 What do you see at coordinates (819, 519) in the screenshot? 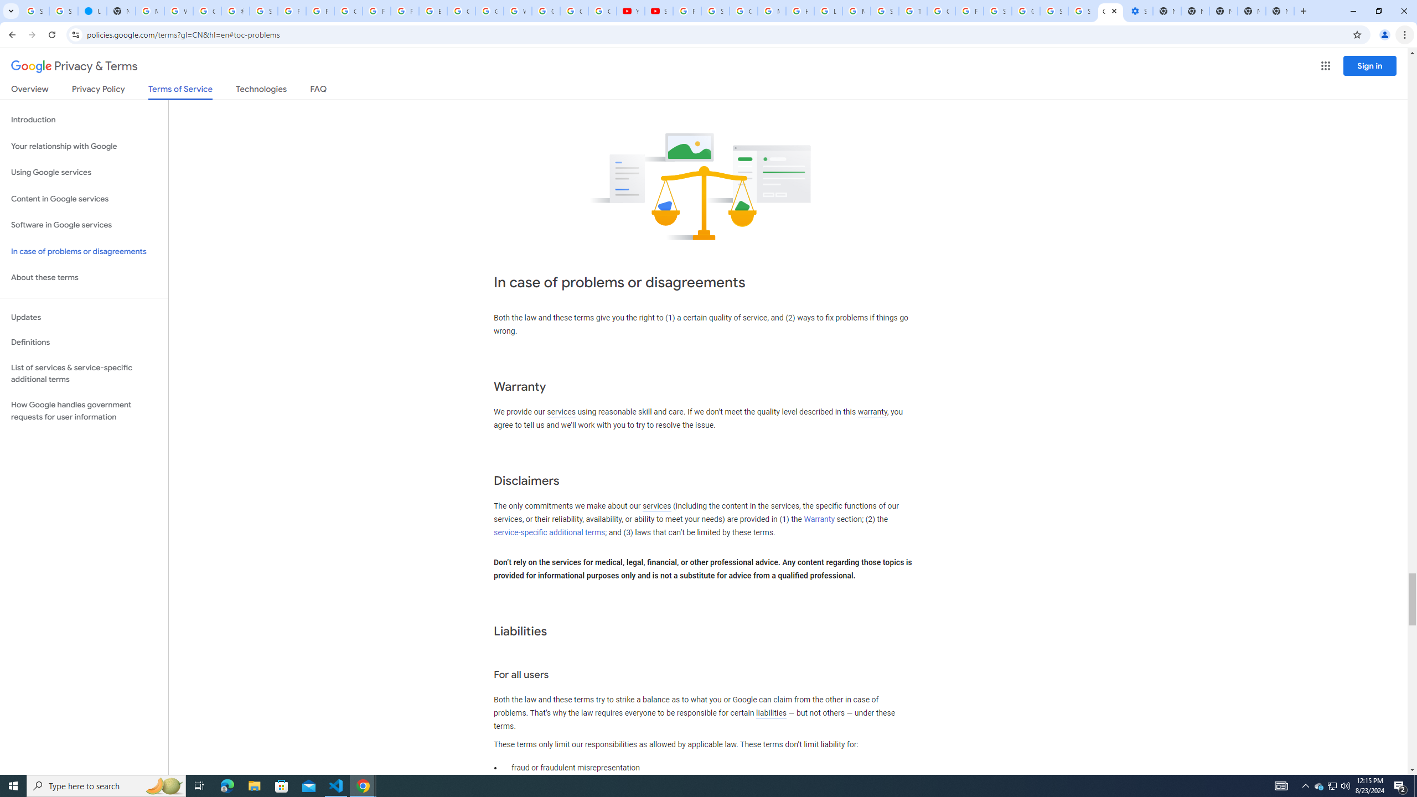
I see `'Warranty'` at bounding box center [819, 519].